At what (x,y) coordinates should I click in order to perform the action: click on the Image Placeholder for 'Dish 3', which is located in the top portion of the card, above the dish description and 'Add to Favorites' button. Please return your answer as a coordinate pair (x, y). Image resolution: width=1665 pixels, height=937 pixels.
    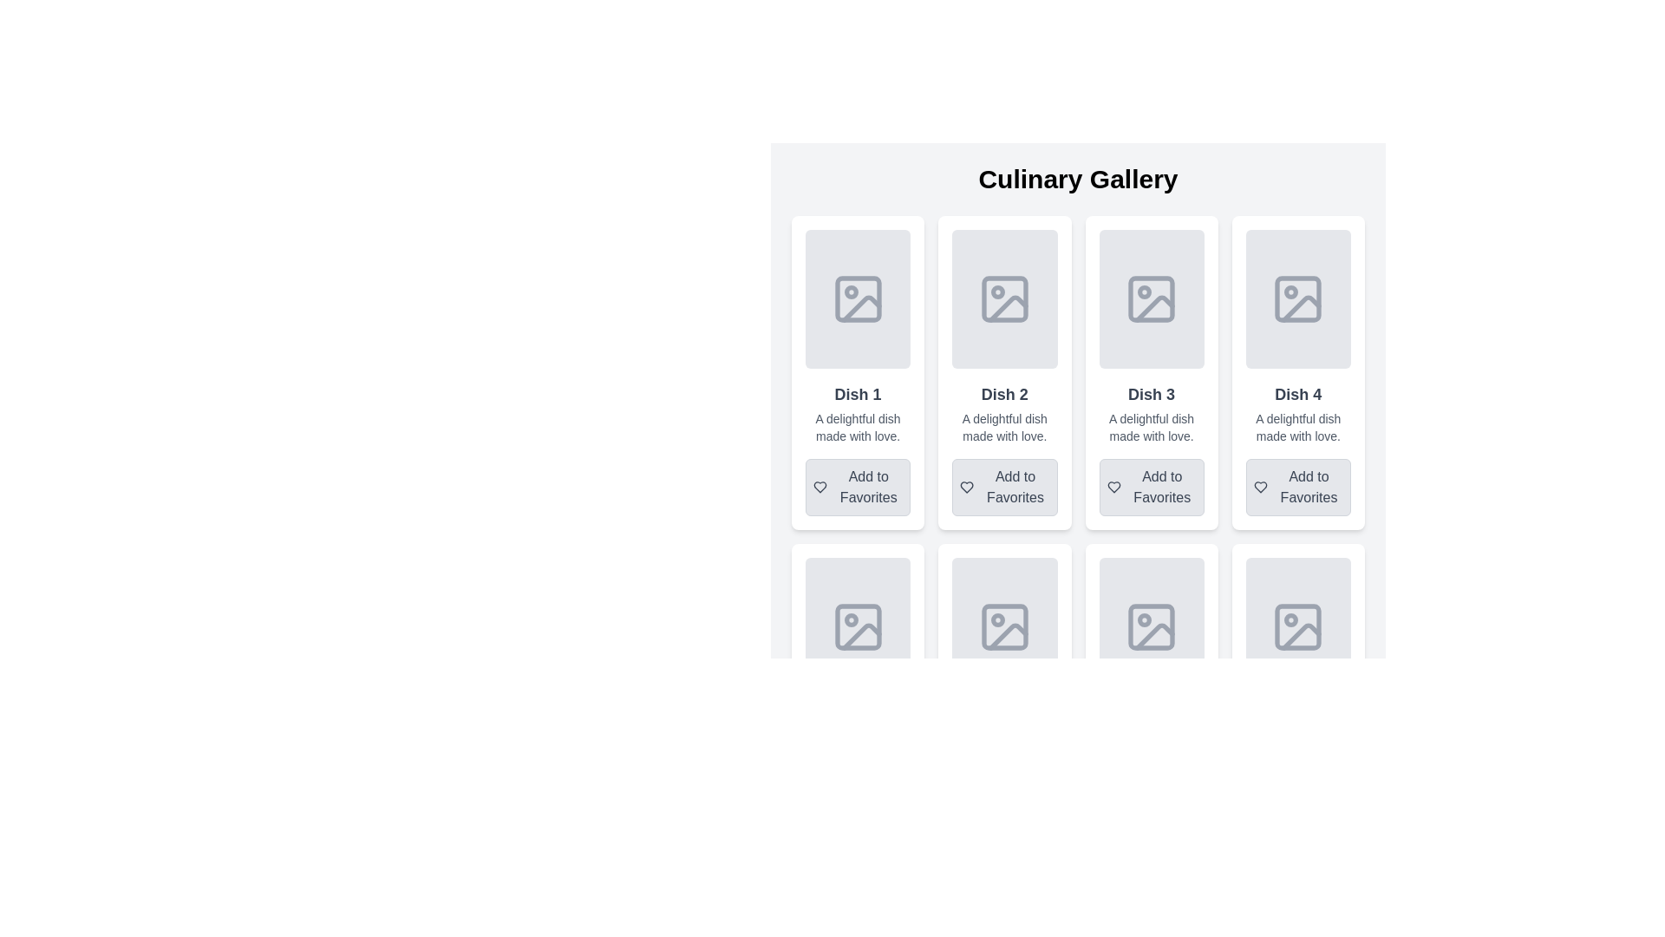
    Looking at the image, I should click on (1152, 298).